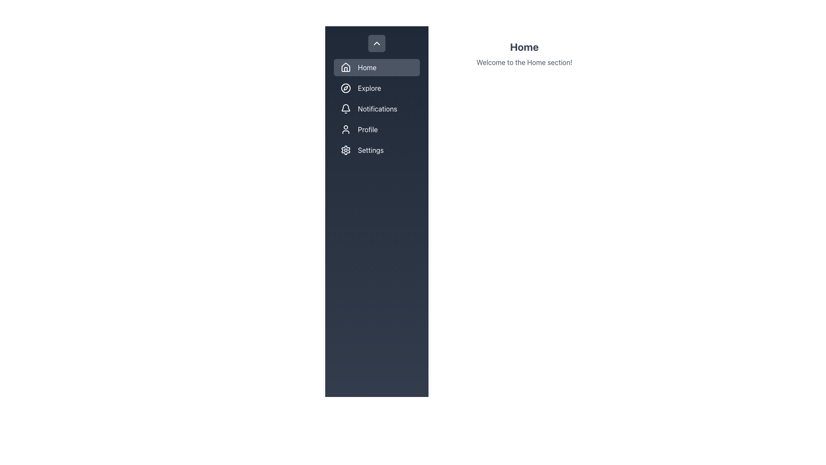 Image resolution: width=826 pixels, height=465 pixels. I want to click on the gear icon in the vertical navigation menu labeled 'Settings', which is the fifth button from the top, so click(346, 149).